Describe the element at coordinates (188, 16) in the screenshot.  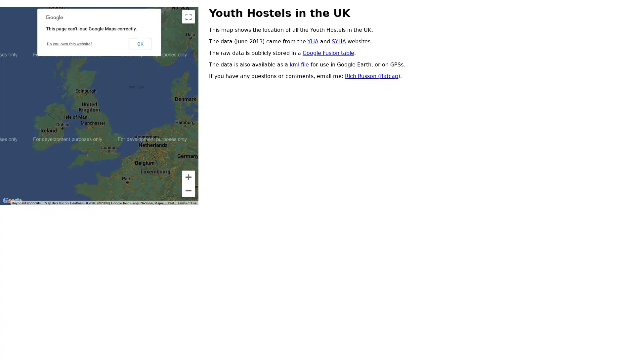
I see `Toggle fullscreen view` at that location.